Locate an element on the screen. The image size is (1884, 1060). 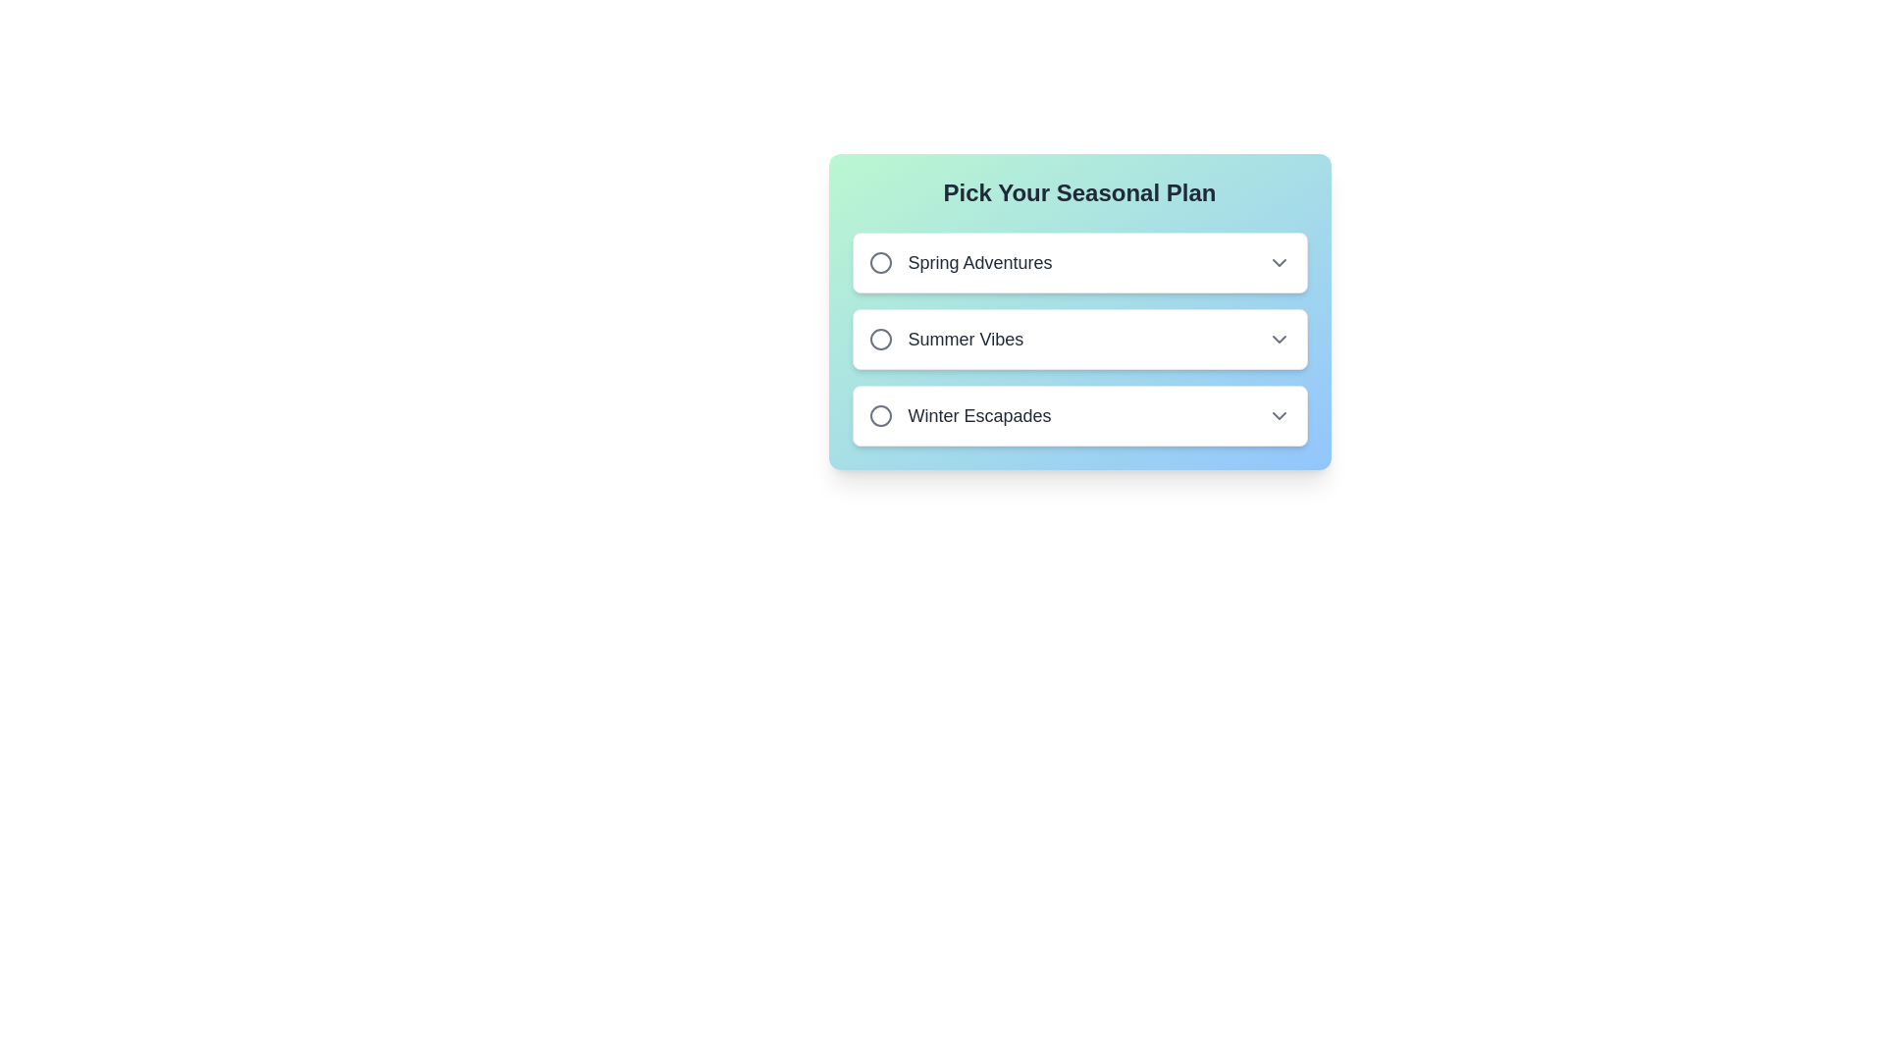
the chevron icon indicating a dropdown or menu expansion option associated with the 'Spring Adventures' option is located at coordinates (1279, 261).